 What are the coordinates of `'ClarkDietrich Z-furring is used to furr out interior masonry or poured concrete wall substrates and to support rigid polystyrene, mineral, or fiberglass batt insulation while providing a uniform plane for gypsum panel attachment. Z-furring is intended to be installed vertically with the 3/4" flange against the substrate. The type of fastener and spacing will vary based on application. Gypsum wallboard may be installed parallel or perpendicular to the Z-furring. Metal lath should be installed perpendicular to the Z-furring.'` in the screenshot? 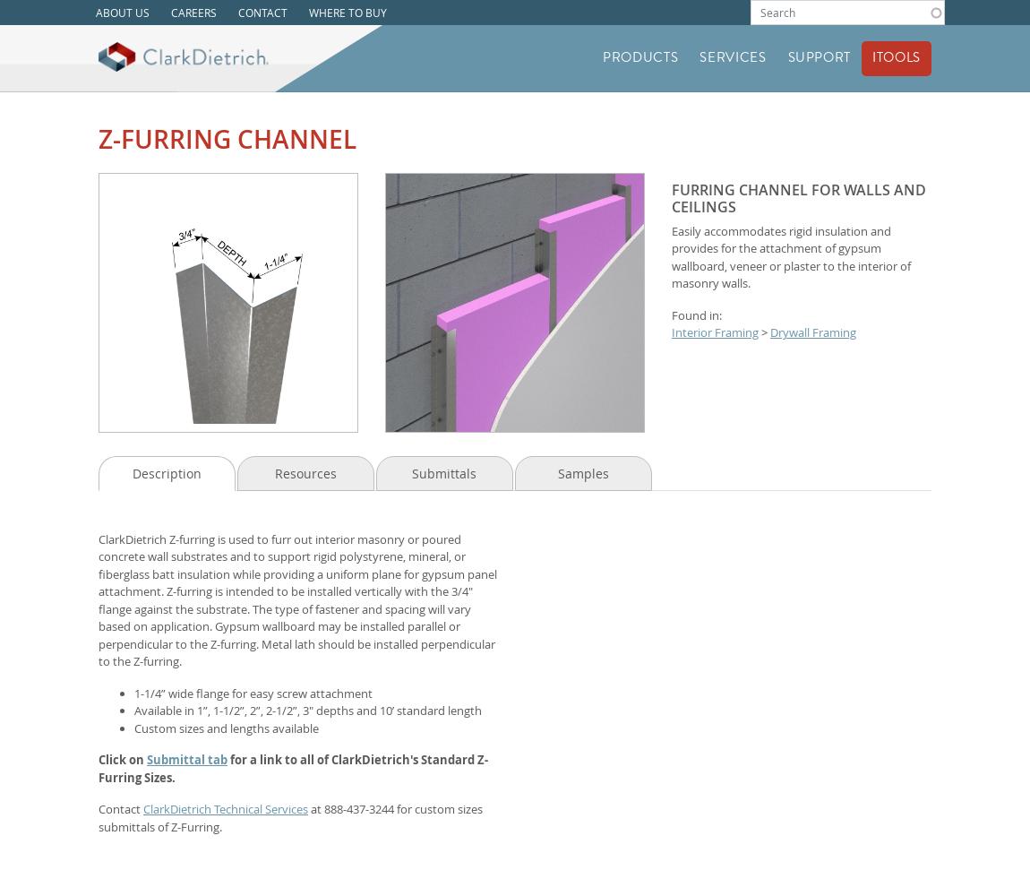 It's located at (297, 599).